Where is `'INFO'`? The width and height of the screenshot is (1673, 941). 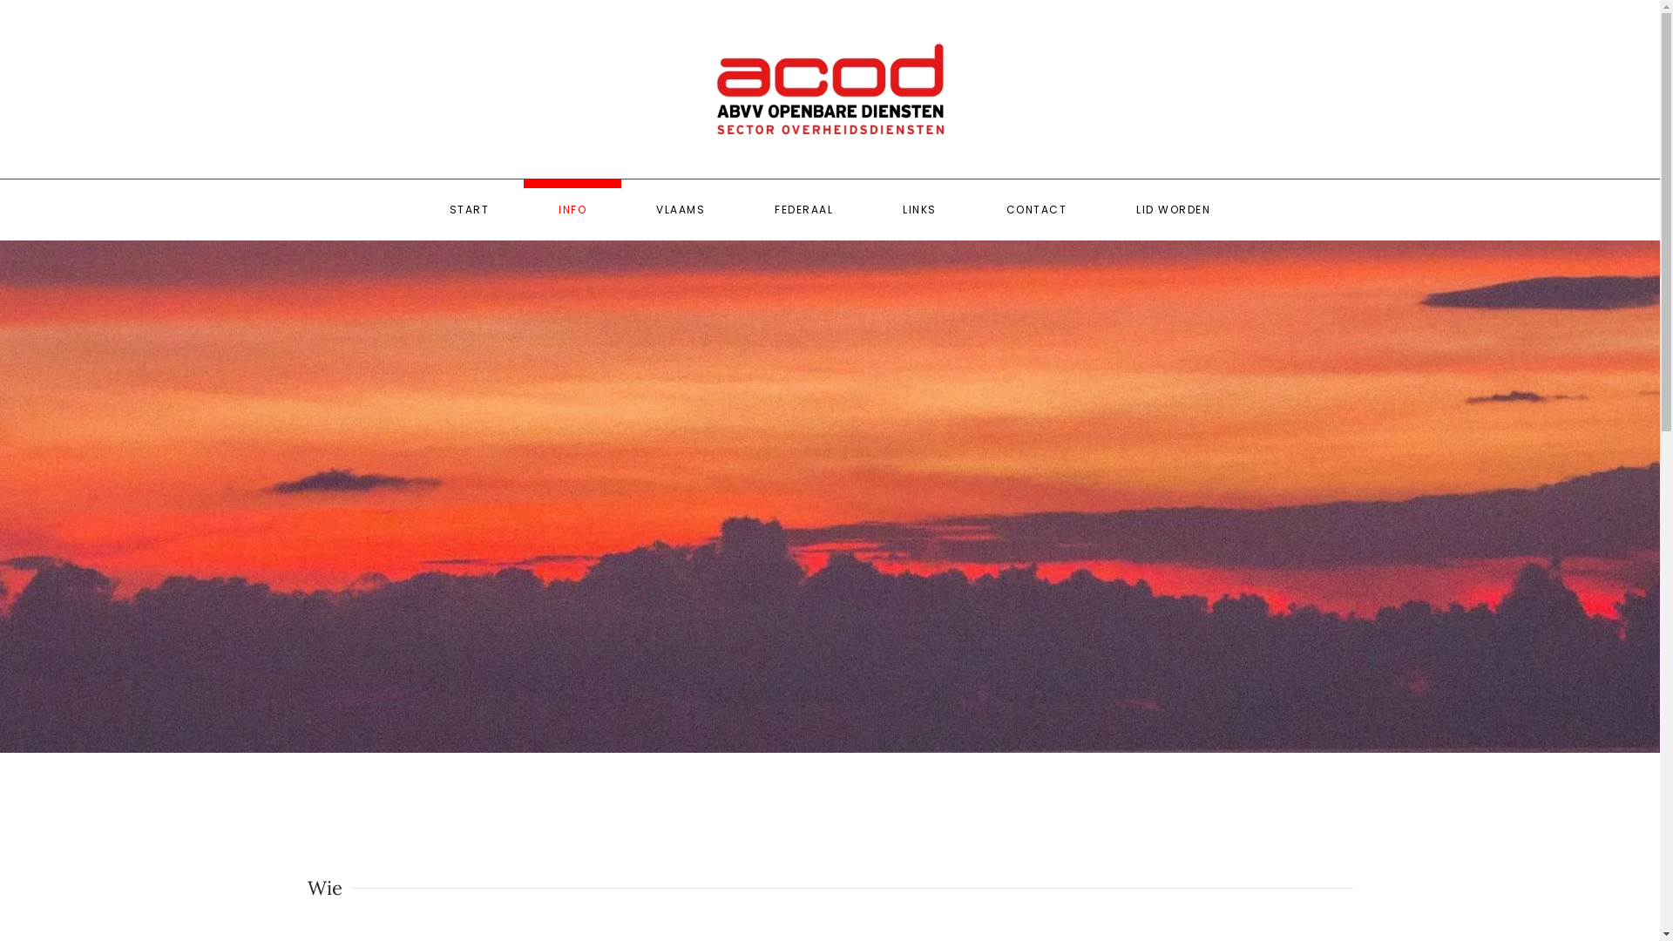
'INFO' is located at coordinates (522, 208).